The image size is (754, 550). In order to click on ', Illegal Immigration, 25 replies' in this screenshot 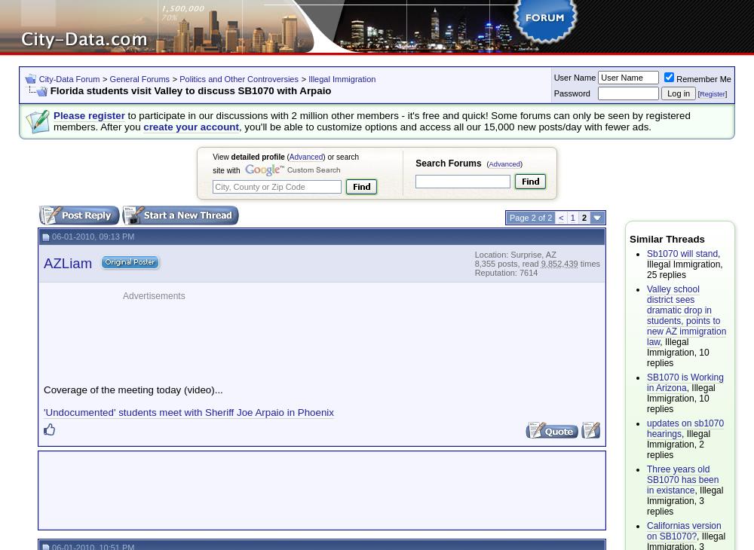, I will do `click(685, 264)`.